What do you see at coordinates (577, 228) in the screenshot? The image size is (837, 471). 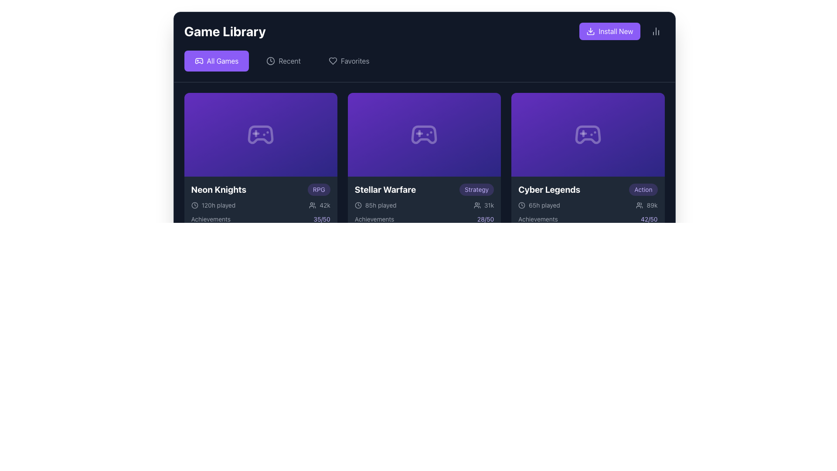 I see `the progress bar segment with a gradient color scheme transitioning from violet to indigo, located below the 'Cyber Legends' card in the 'Game Library' section` at bounding box center [577, 228].